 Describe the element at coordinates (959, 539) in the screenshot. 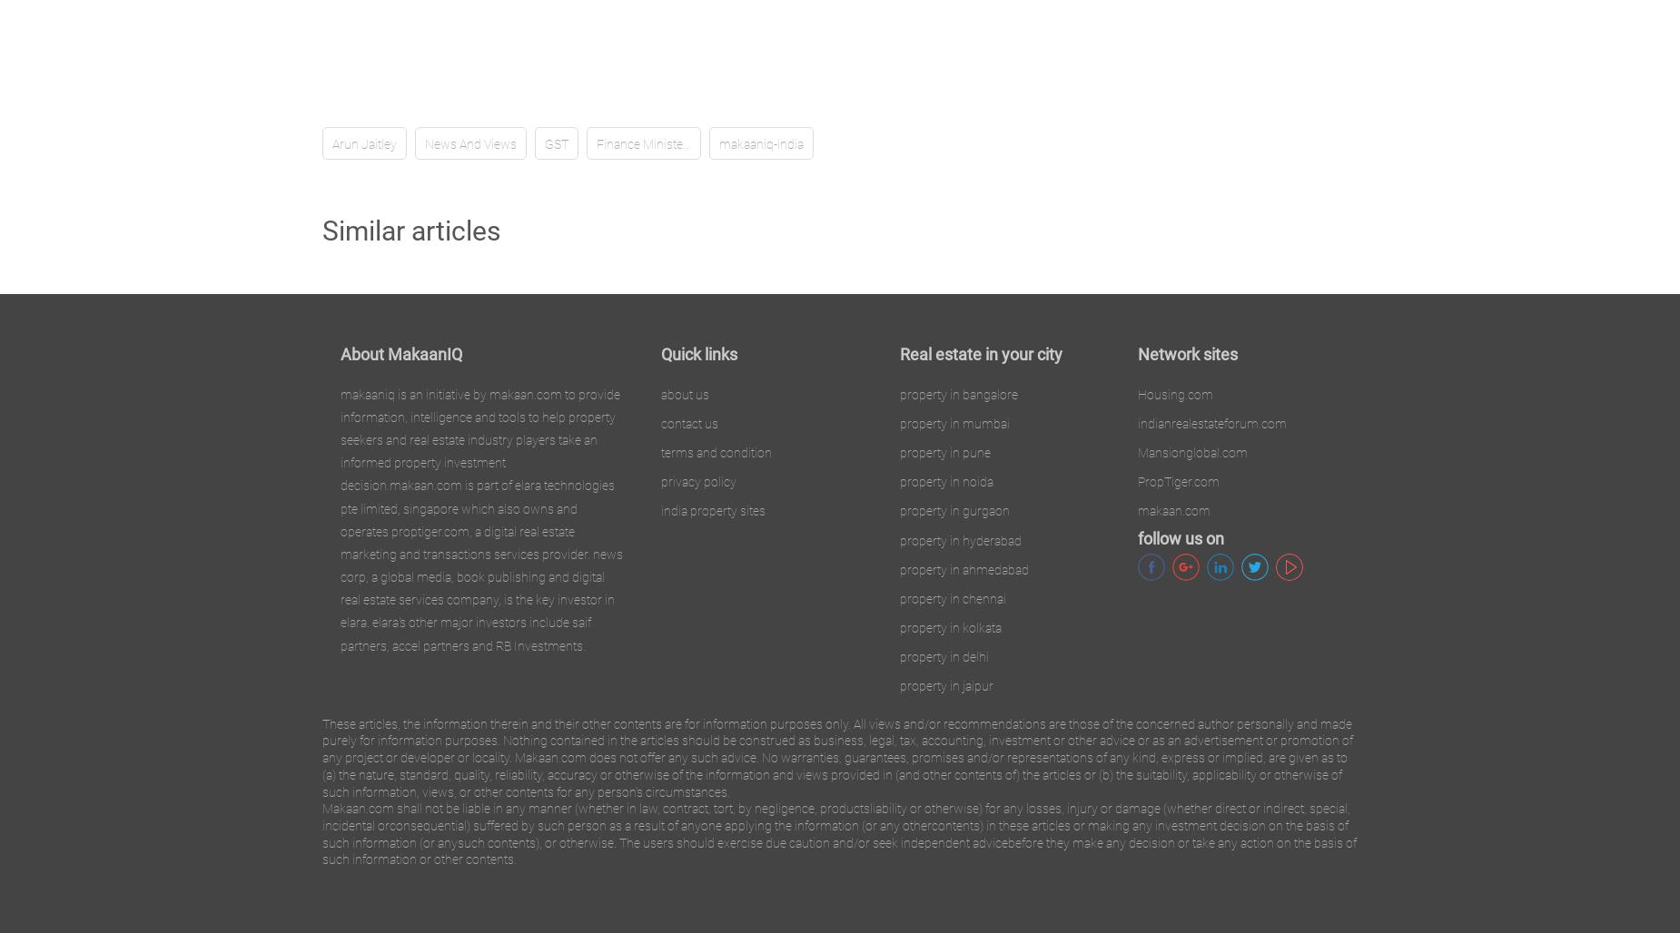

I see `'property in hyderabad'` at that location.